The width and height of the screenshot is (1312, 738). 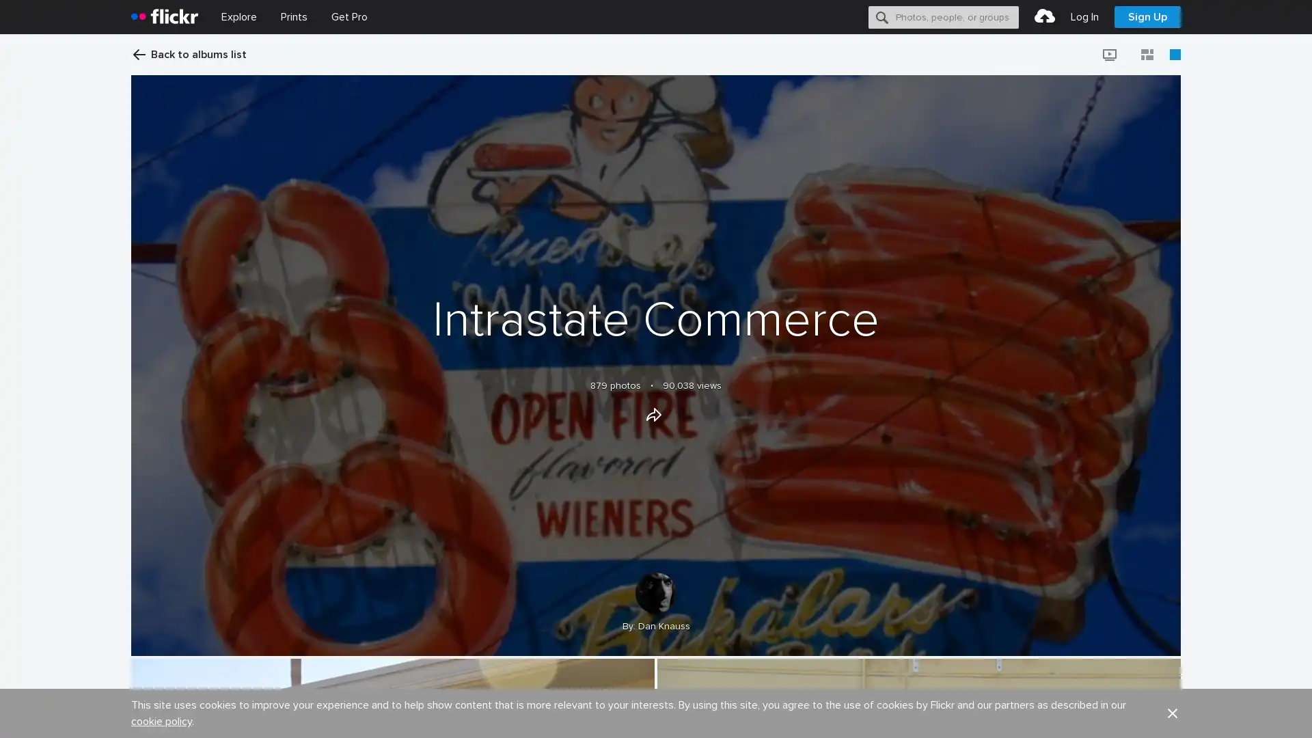 I want to click on Justified view, so click(x=1147, y=54).